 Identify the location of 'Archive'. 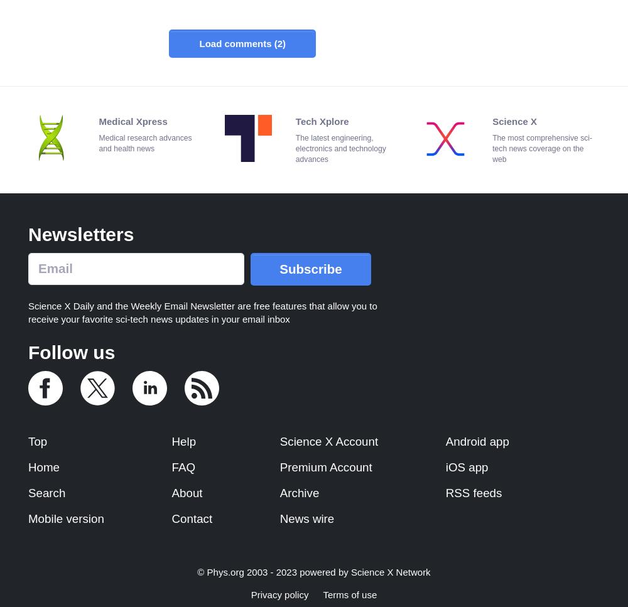
(298, 492).